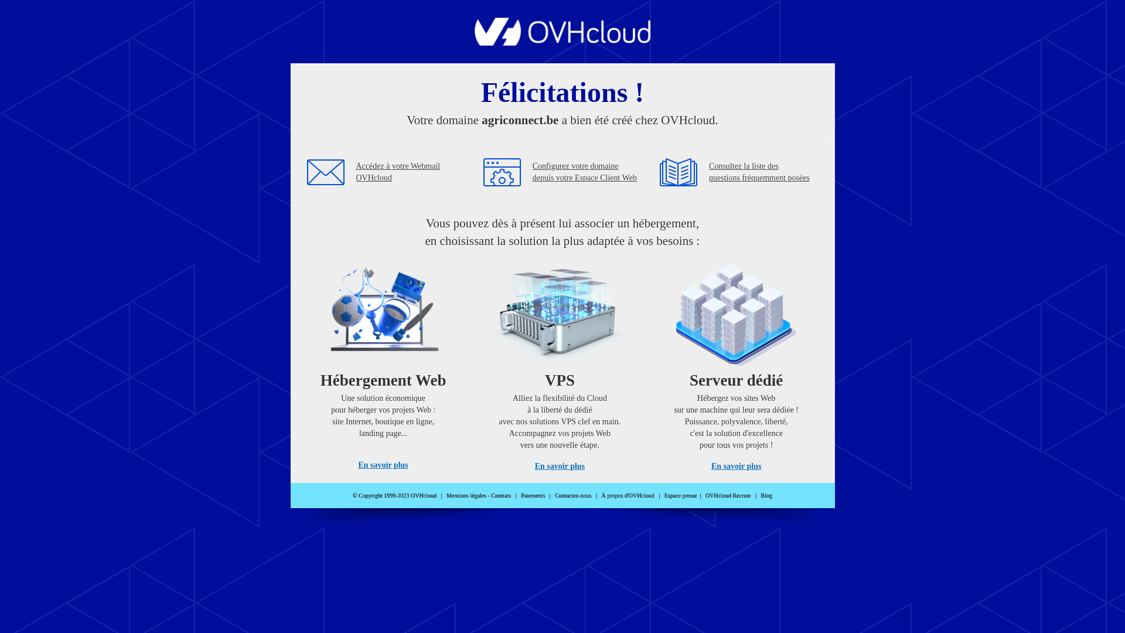  What do you see at coordinates (562, 42) in the screenshot?
I see `'OVHcloud'` at bounding box center [562, 42].